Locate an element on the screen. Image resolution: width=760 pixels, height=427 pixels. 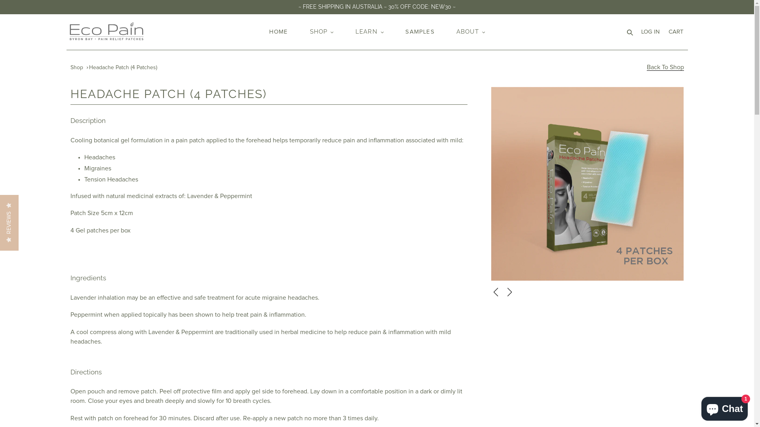
'SHOP' is located at coordinates (321, 32).